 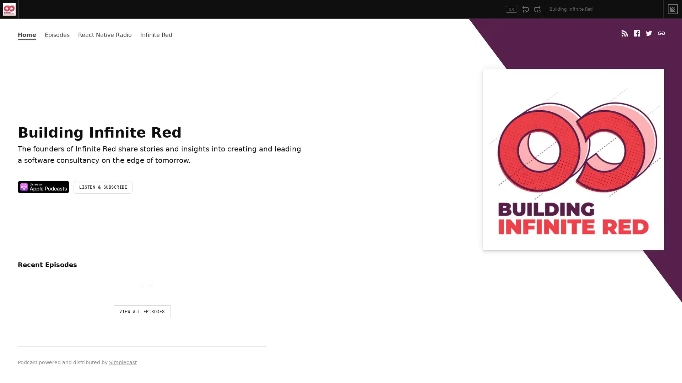 What do you see at coordinates (26, 361) in the screenshot?
I see `Play` at bounding box center [26, 361].